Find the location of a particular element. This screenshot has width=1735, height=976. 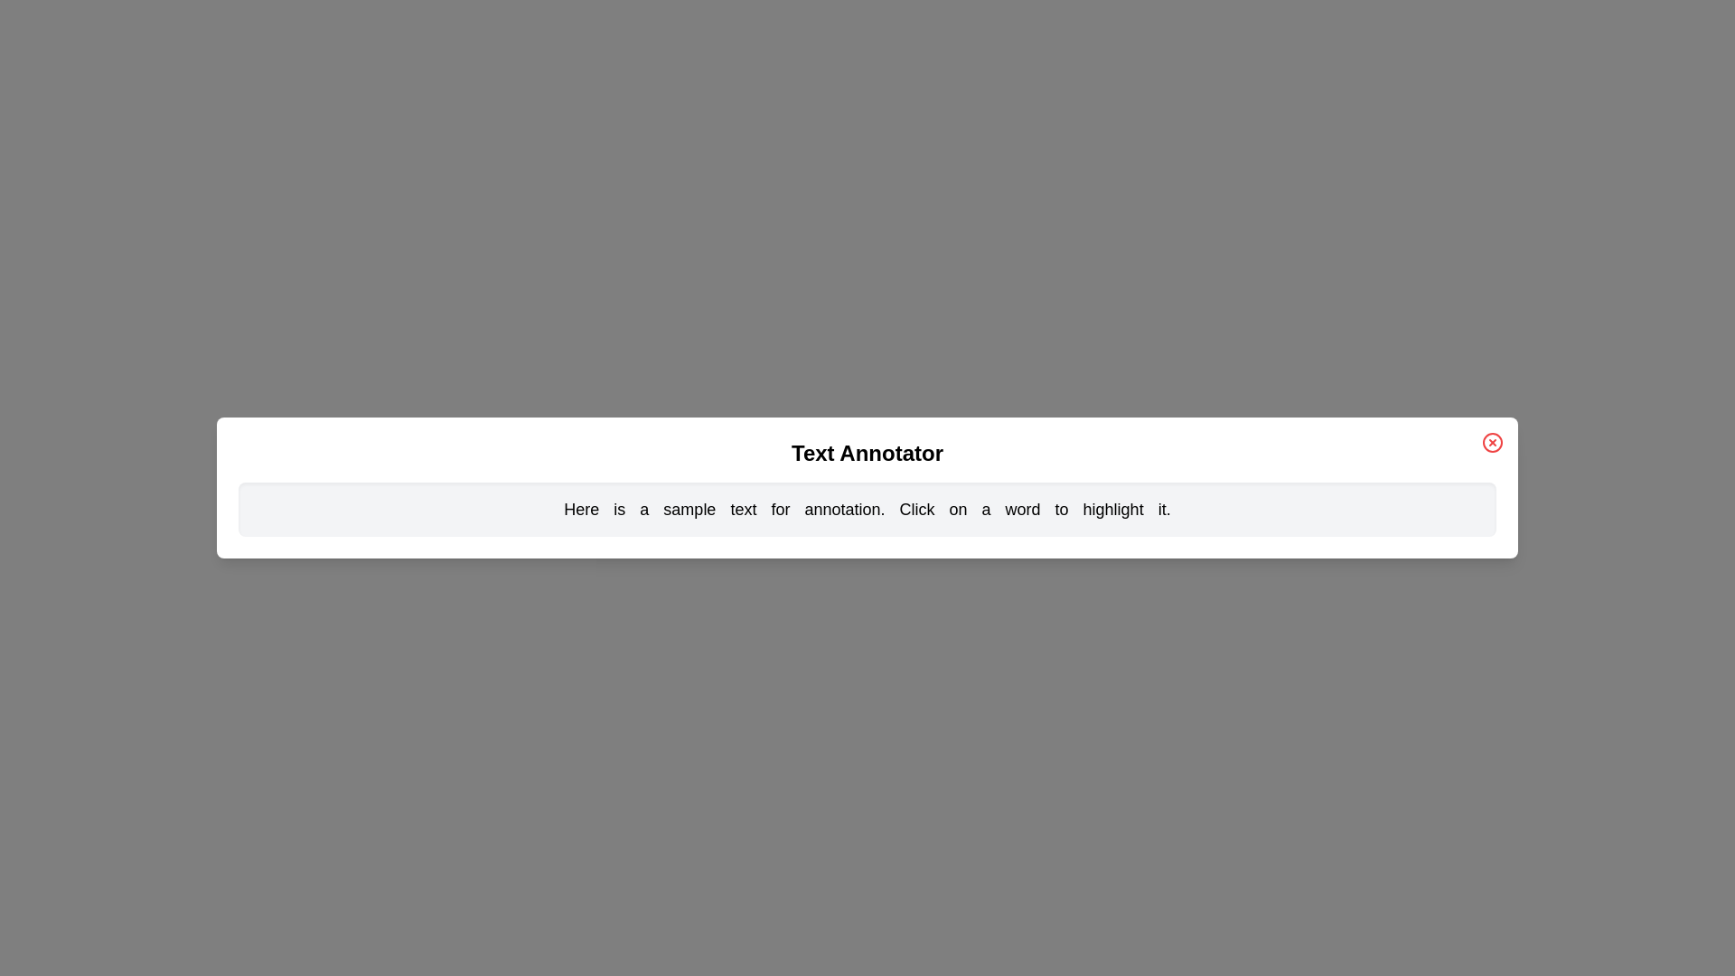

the word 'word' to toggle its highlighting is located at coordinates (1023, 509).